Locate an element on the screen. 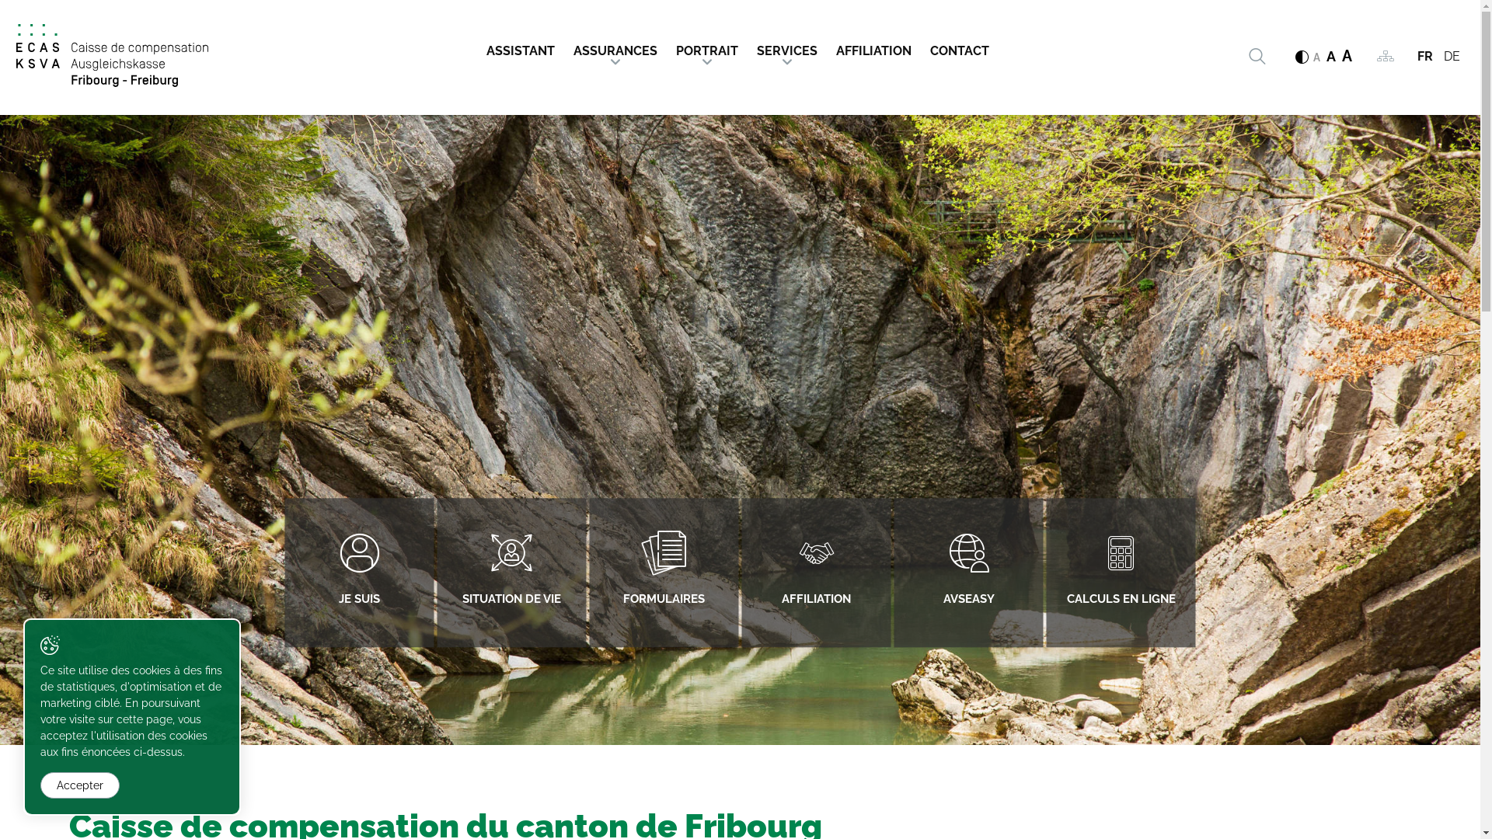 Image resolution: width=1492 pixels, height=839 pixels. 'A' is located at coordinates (1346, 55).